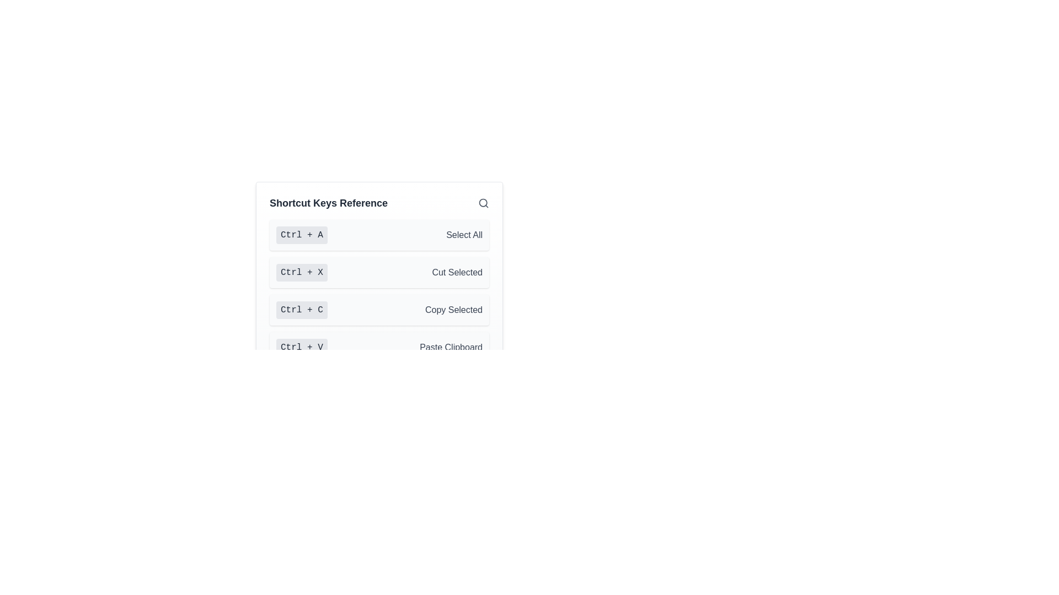 Image resolution: width=1059 pixels, height=595 pixels. Describe the element at coordinates (302, 310) in the screenshot. I see `the rectangular badge with rounded corners that displays the text 'Ctrl + C', which is part of the keyboard shortcuts panel for the 'Copy Selected' action` at that location.